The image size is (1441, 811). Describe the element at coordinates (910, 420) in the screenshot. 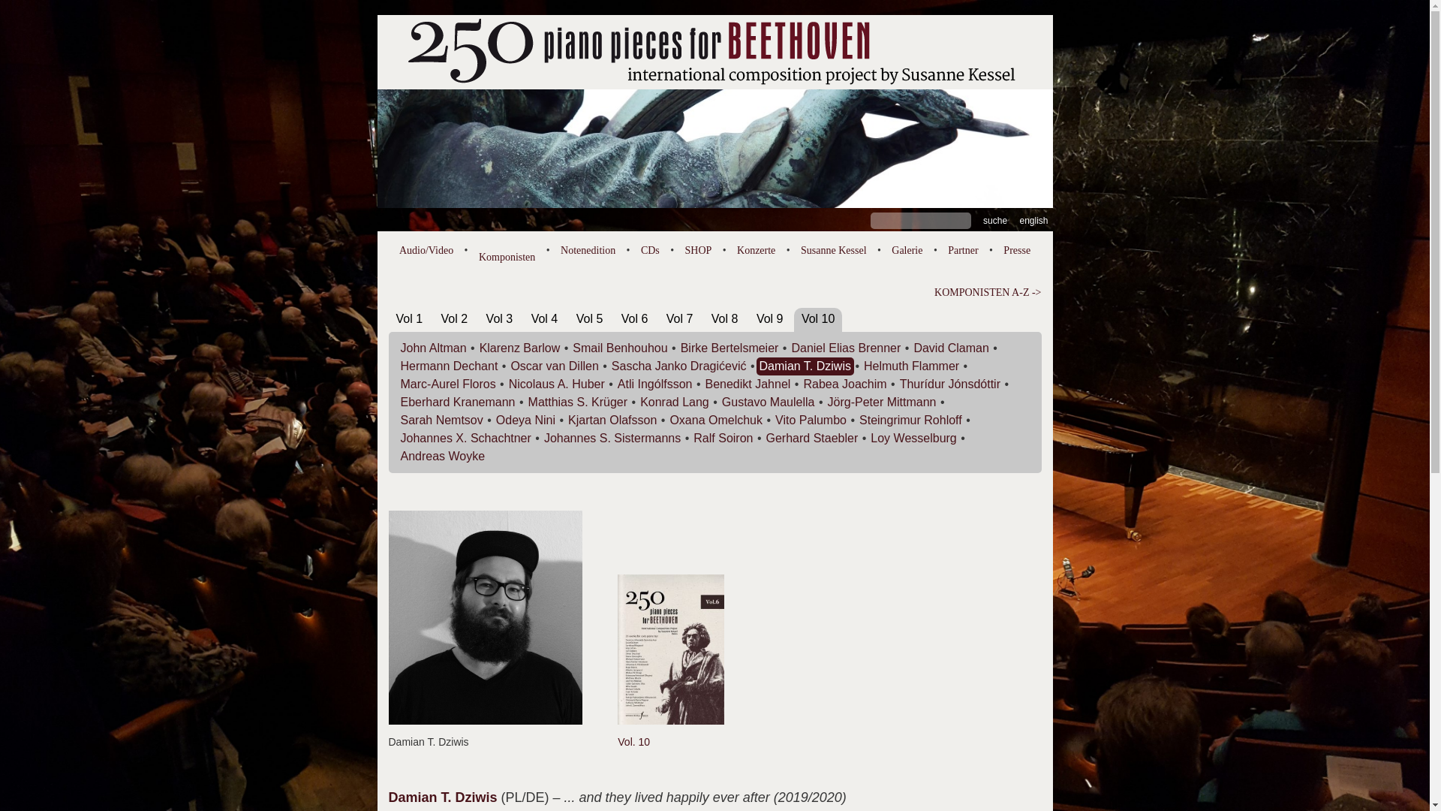

I see `'Steingrimur Rohloff'` at that location.